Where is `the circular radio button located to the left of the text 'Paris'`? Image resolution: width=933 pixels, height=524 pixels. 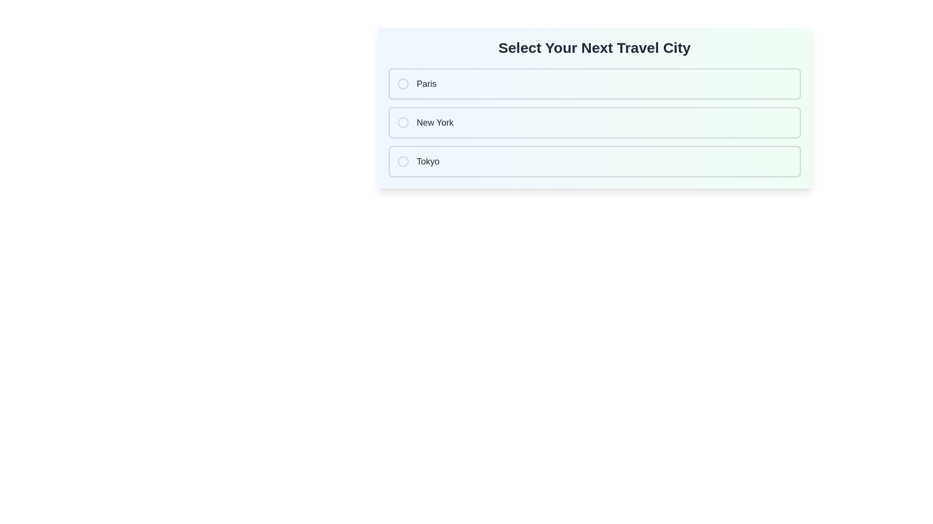 the circular radio button located to the left of the text 'Paris' is located at coordinates (403, 83).